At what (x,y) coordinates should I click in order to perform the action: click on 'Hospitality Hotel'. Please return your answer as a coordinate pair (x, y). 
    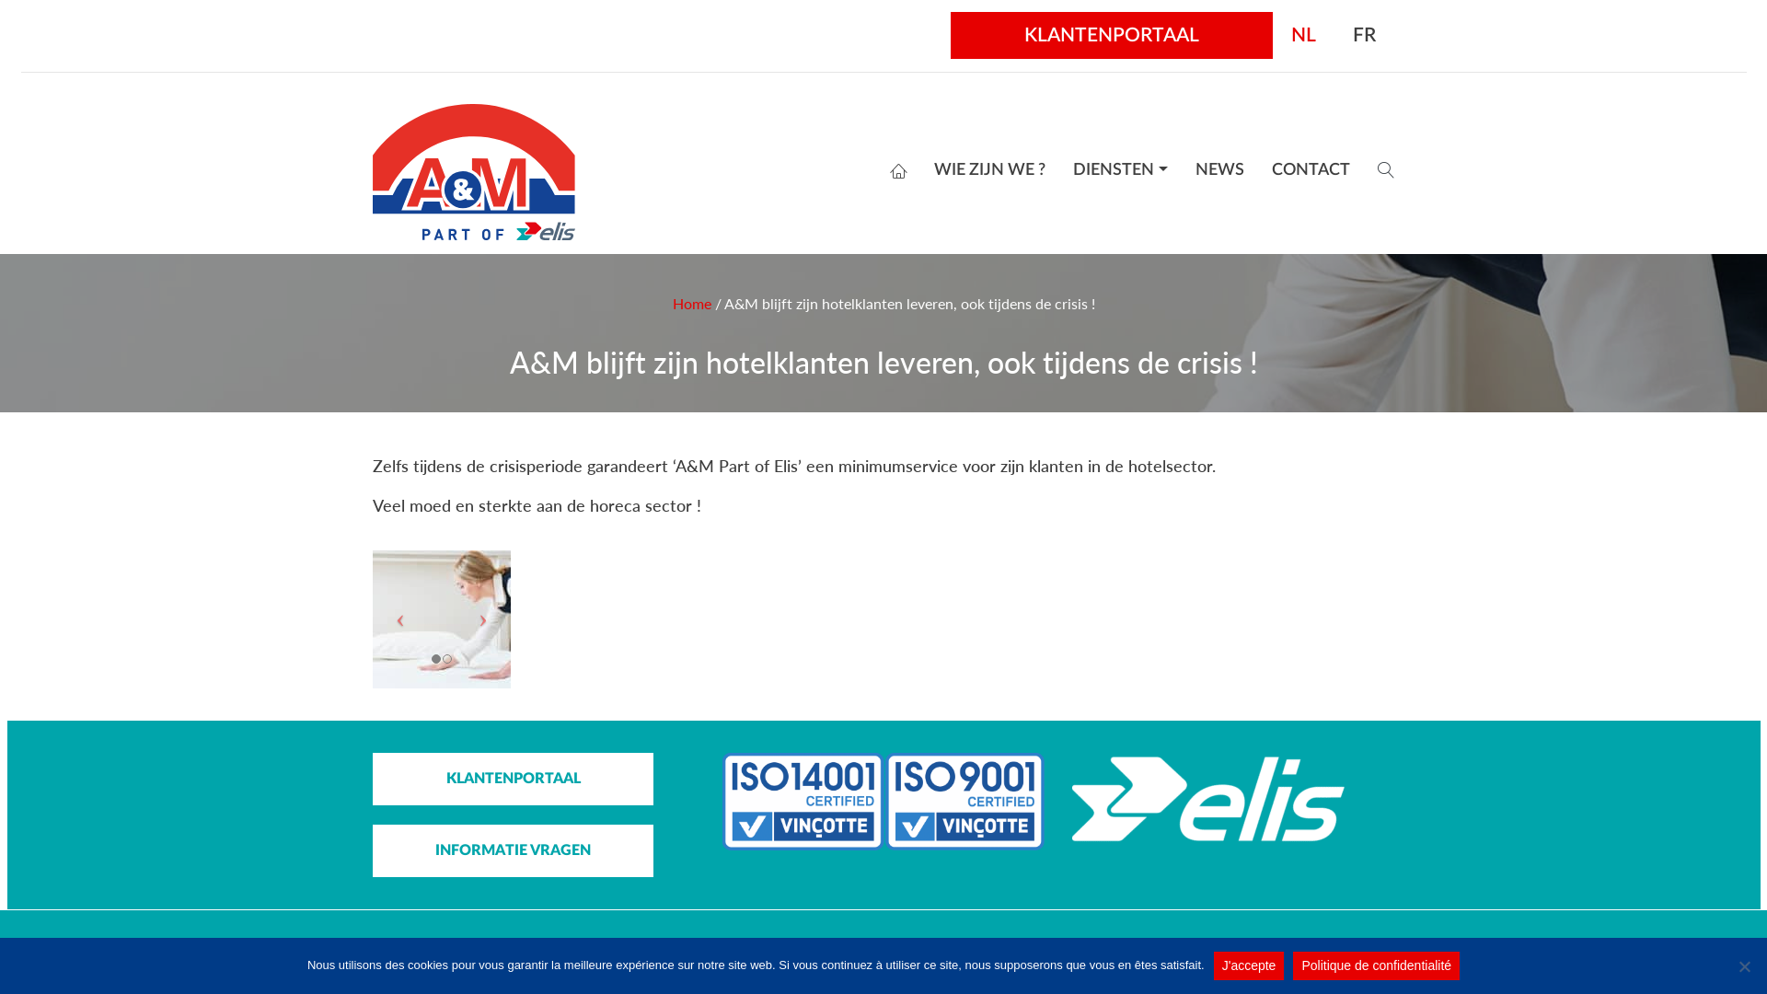
    Looking at the image, I should click on (442, 618).